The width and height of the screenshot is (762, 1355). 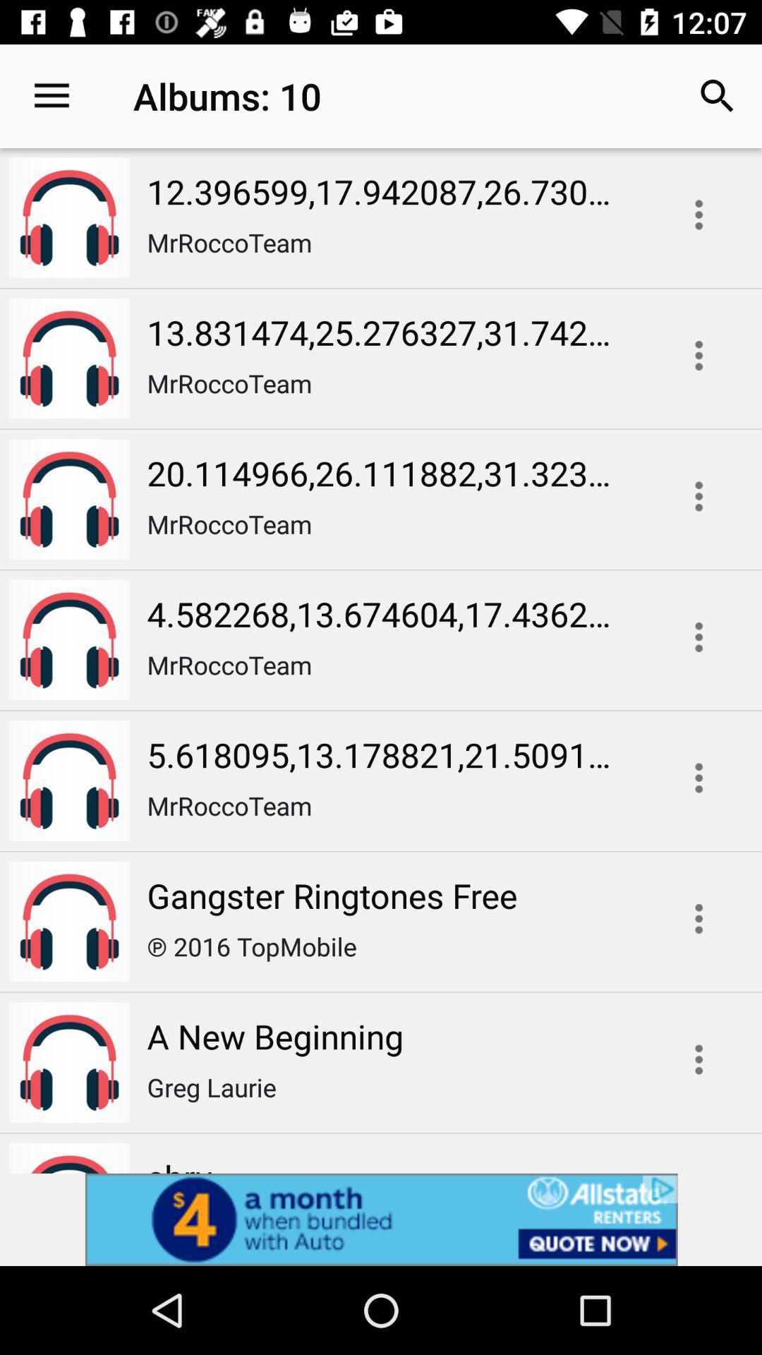 What do you see at coordinates (698, 636) in the screenshot?
I see `more details` at bounding box center [698, 636].